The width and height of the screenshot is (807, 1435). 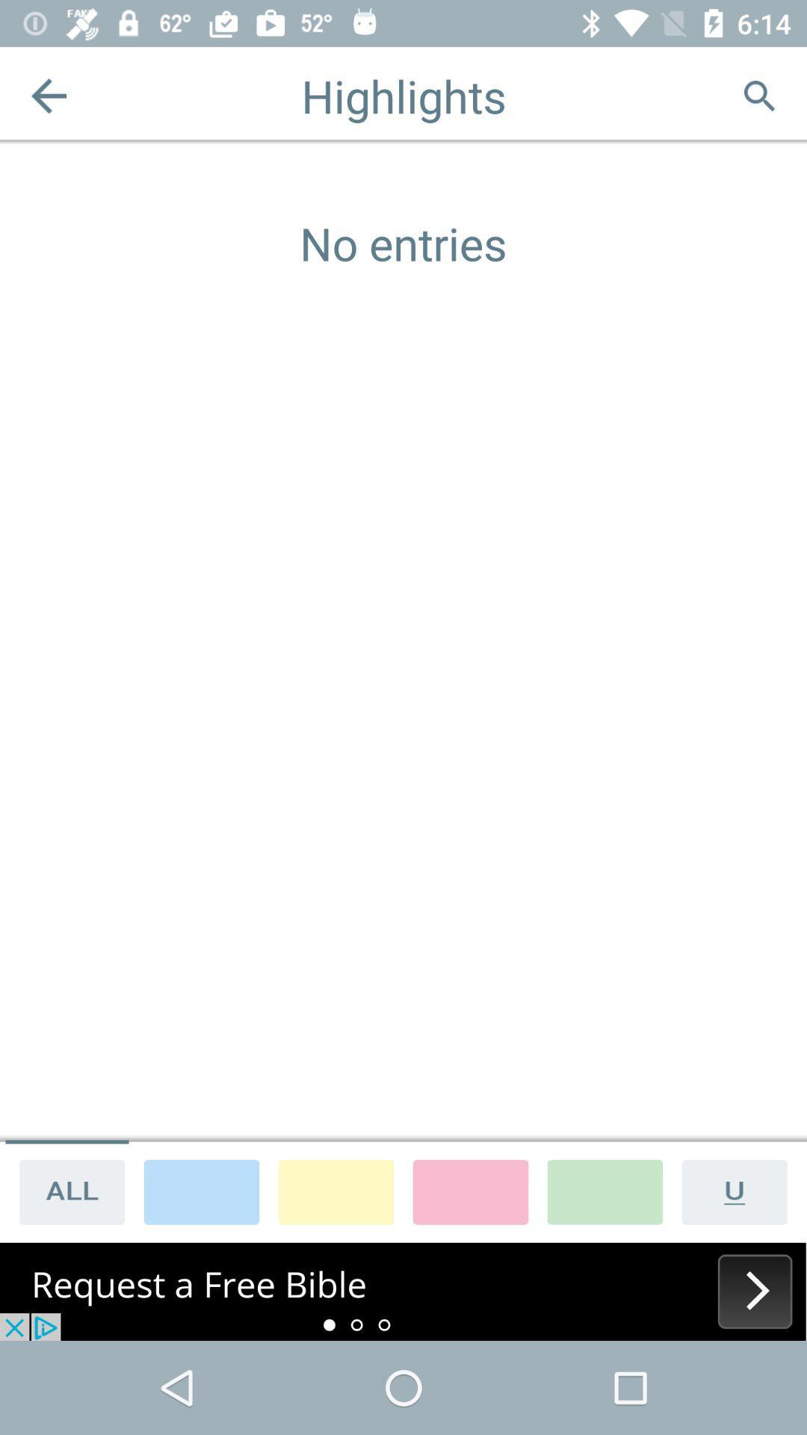 What do you see at coordinates (403, 1291) in the screenshot?
I see `its an advertisement` at bounding box center [403, 1291].